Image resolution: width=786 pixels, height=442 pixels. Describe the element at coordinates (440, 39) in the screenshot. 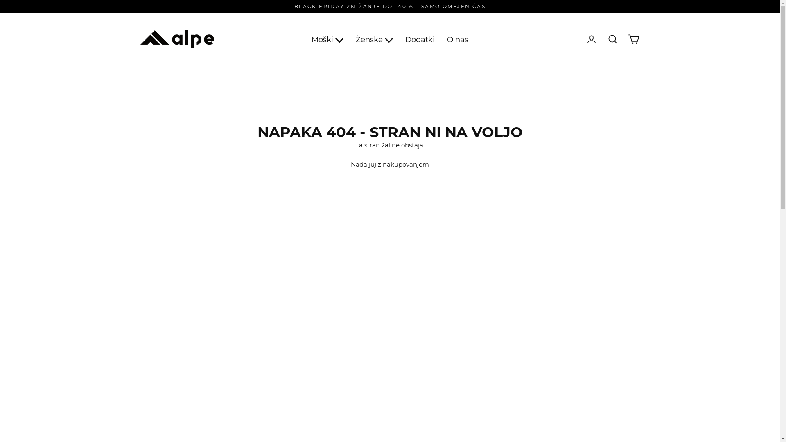

I see `'O nas'` at that location.